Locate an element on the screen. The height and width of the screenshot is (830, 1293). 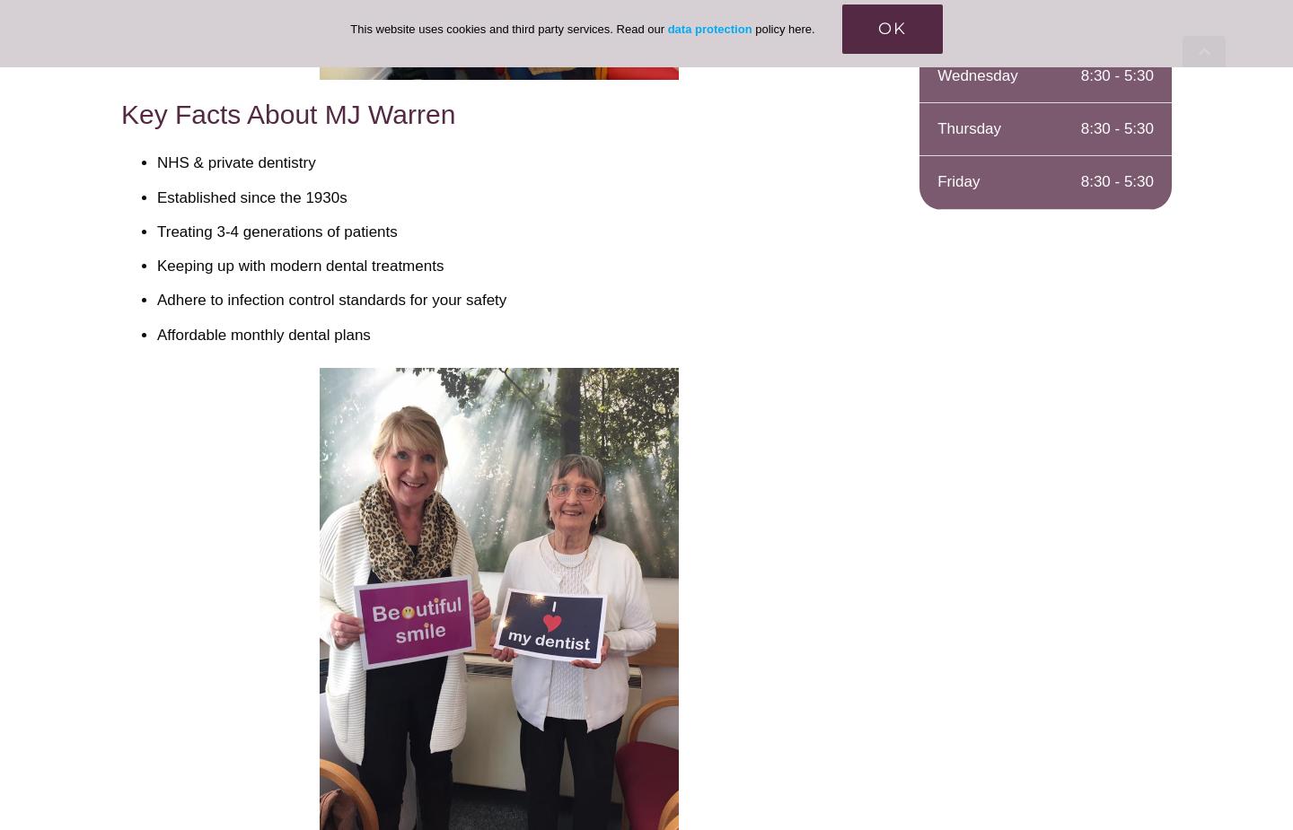
'Friday' is located at coordinates (958, 180).